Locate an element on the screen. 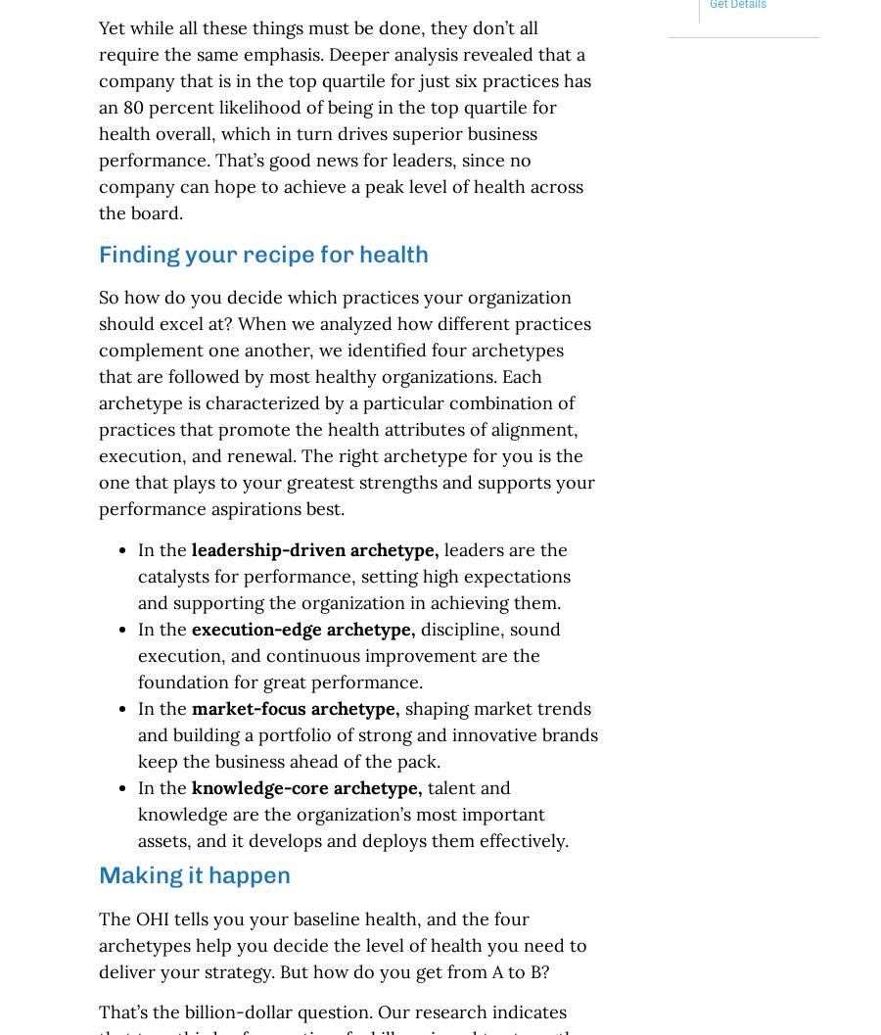  'Yet while all these things must be done, they don’t all require the same emphasis. Deeper analysis revealed that a company that is in the top quartile for just six practices has an 80 percent likelihood of being in the top quartile for health overall, which in turn drives superior business performance. That’s good news for leaders, since no company can hope to achieve a peak level of health across the board.' is located at coordinates (344, 119).